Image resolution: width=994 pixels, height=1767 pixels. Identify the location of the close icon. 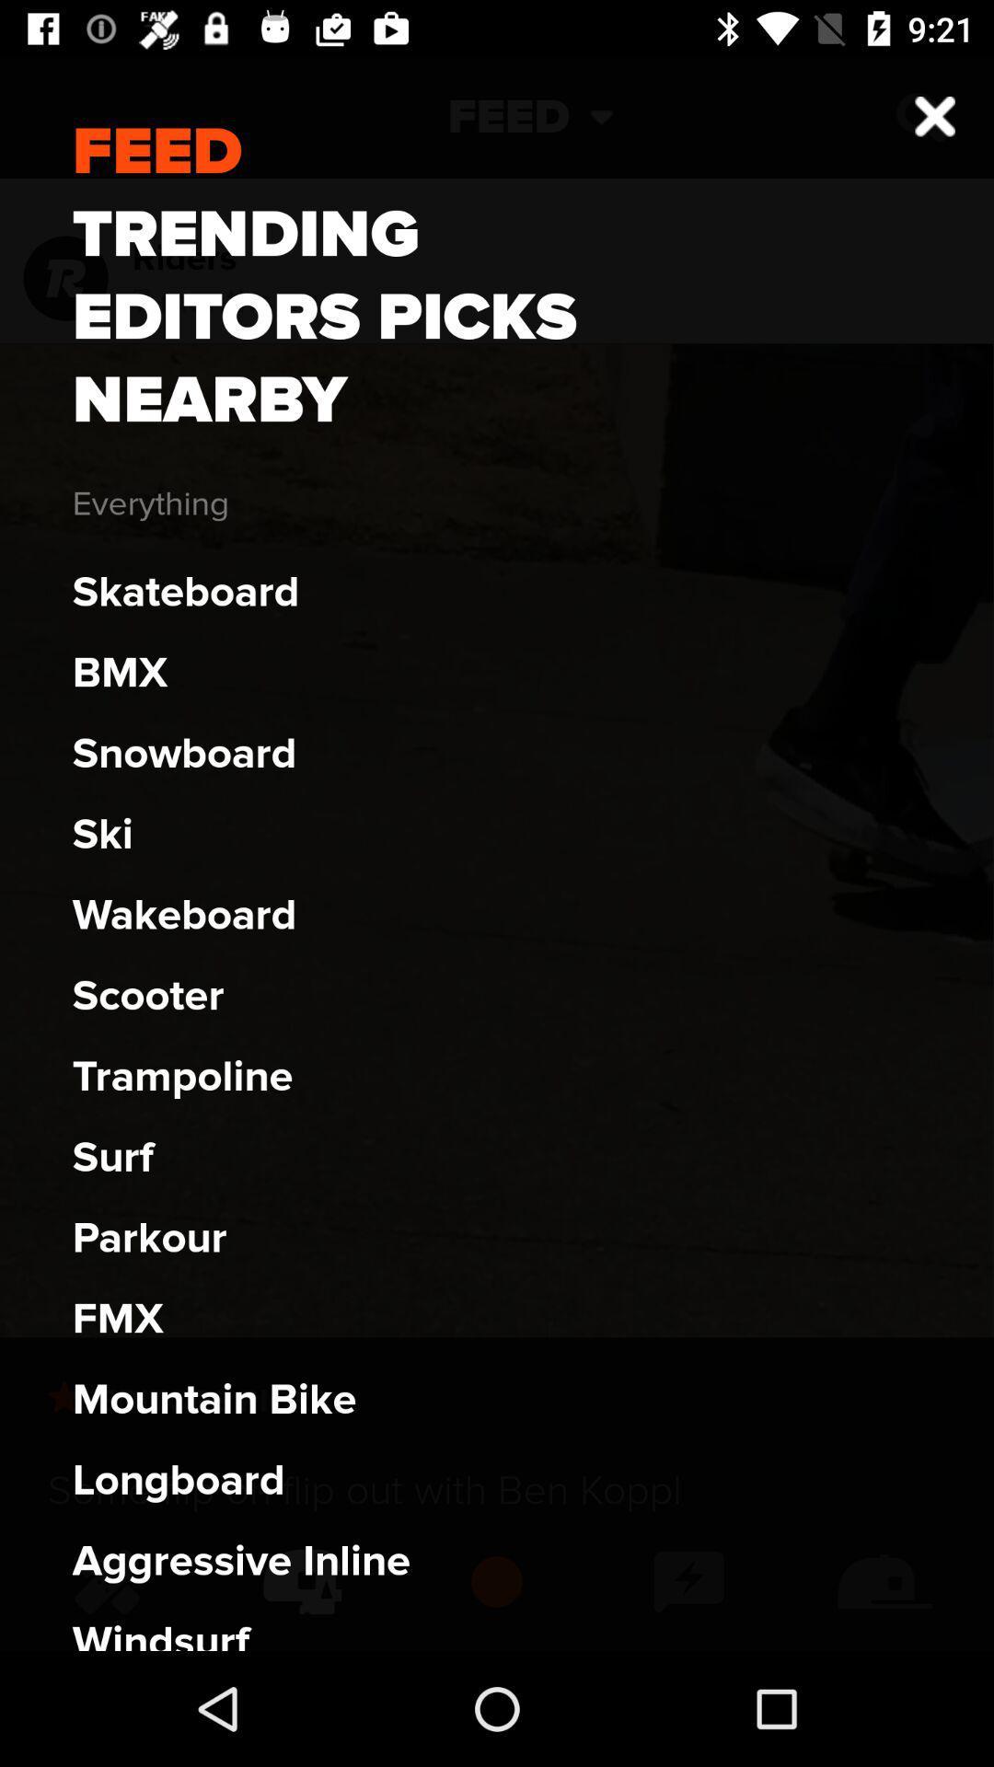
(935, 115).